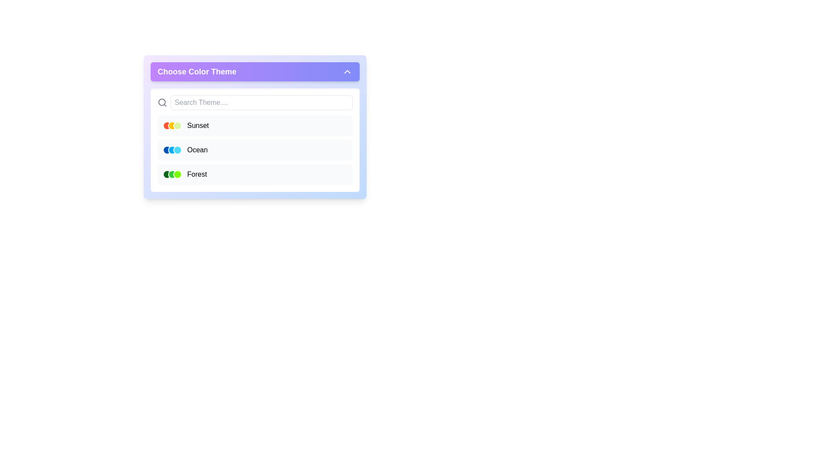 The height and width of the screenshot is (470, 836). Describe the element at coordinates (172, 149) in the screenshot. I see `the Symbolic representation (theme indicator) consisting of three small circles colored dark blue, light blue, and cyan, located in the 'Ocean' row of the 'Choose Color Theme' dropdown menu` at that location.